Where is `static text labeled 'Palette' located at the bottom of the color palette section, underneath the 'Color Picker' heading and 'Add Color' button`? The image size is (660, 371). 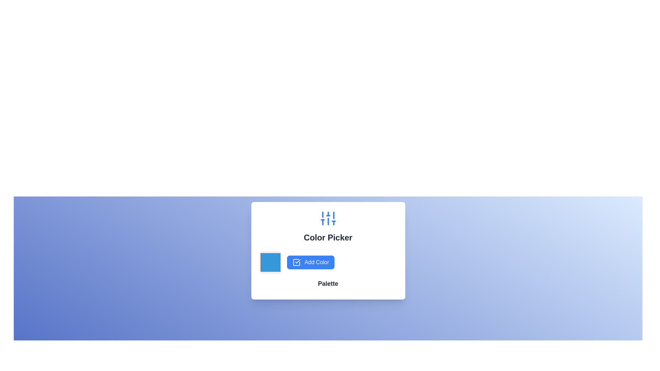 static text labeled 'Palette' located at the bottom of the color palette section, underneath the 'Color Picker' heading and 'Add Color' button is located at coordinates (328, 283).